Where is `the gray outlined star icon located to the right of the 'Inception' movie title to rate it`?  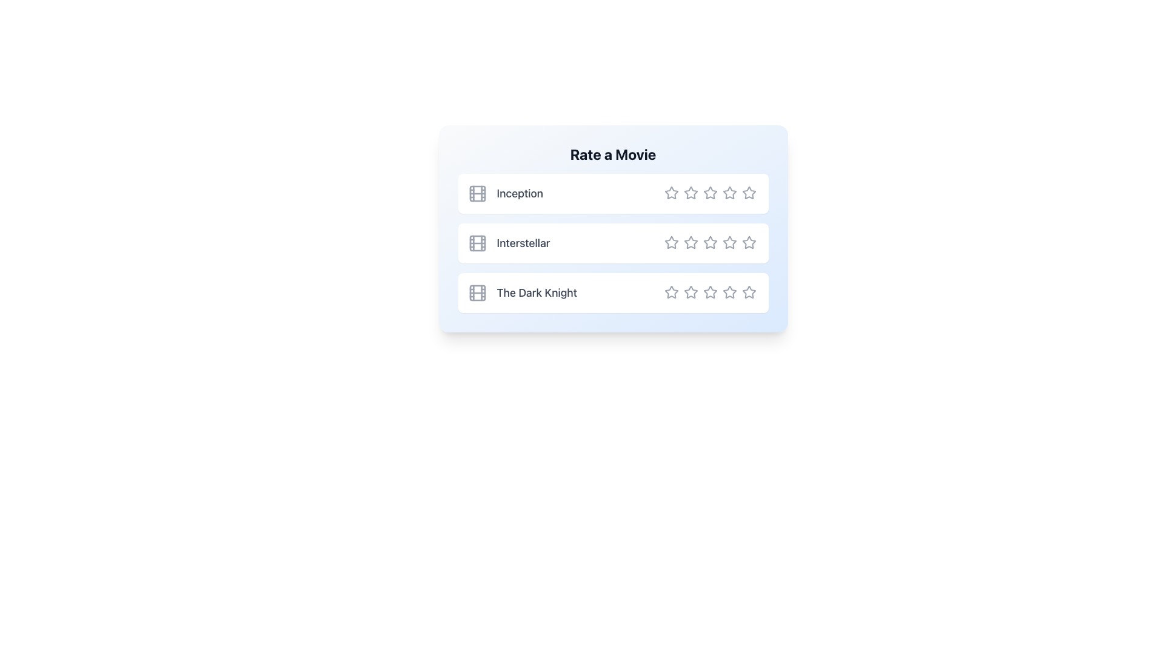
the gray outlined star icon located to the right of the 'Inception' movie title to rate it is located at coordinates (671, 193).